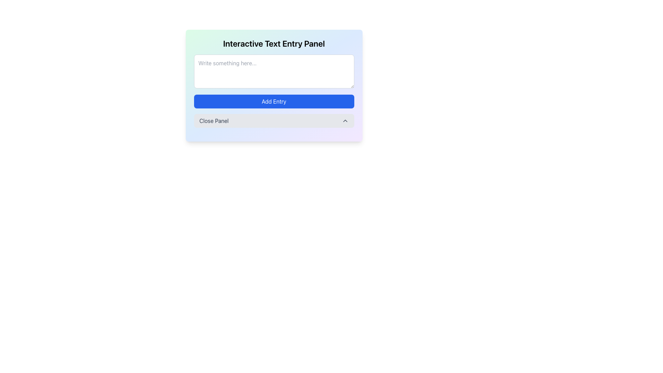 Image resolution: width=663 pixels, height=373 pixels. What do you see at coordinates (273, 44) in the screenshot?
I see `the Static Text element which serves as a descriptive label or heading for the panel, positioned at the top of the central panel` at bounding box center [273, 44].